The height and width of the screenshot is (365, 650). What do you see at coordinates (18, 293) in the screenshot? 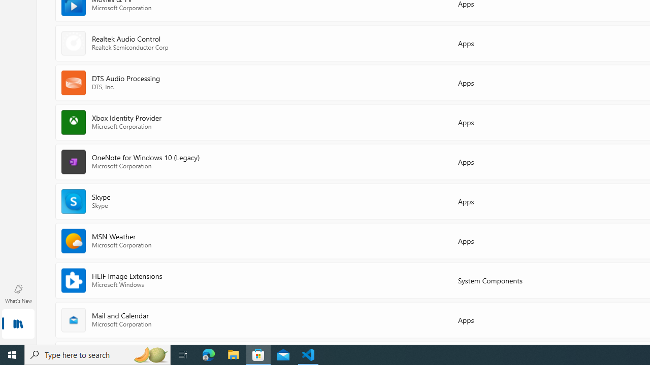
I see `'What'` at bounding box center [18, 293].